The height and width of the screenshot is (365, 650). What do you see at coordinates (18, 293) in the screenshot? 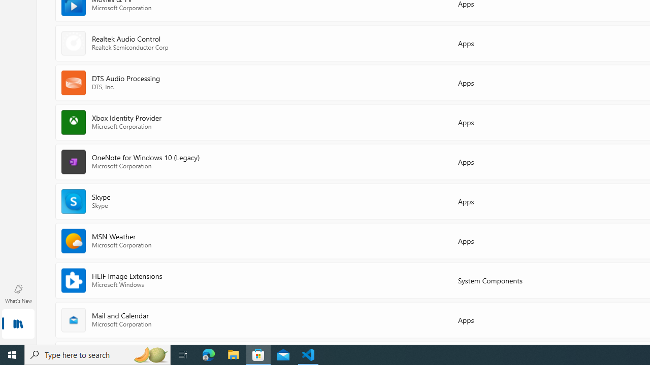
I see `'What'` at bounding box center [18, 293].